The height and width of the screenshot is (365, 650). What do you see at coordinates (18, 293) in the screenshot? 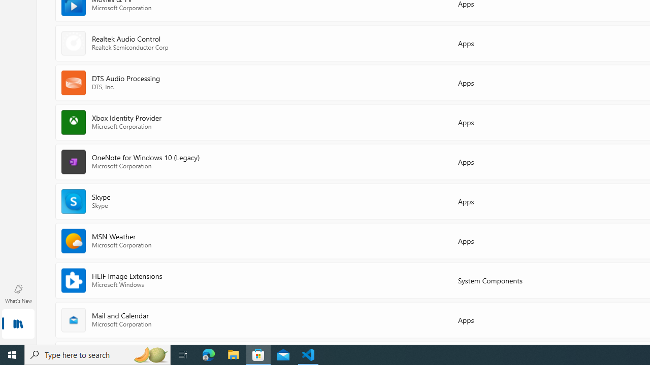
I see `'What'` at bounding box center [18, 293].